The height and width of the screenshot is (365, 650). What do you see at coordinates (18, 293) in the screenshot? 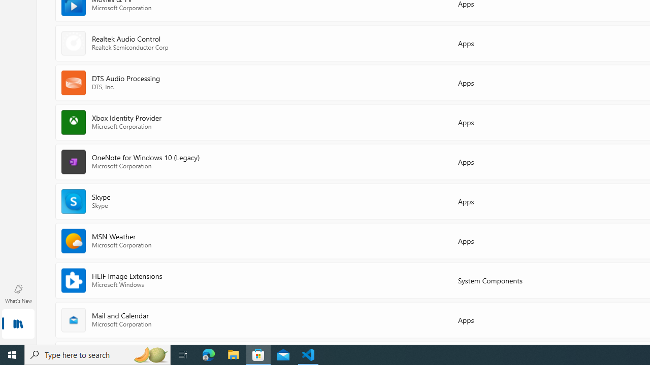
I see `'What'` at bounding box center [18, 293].